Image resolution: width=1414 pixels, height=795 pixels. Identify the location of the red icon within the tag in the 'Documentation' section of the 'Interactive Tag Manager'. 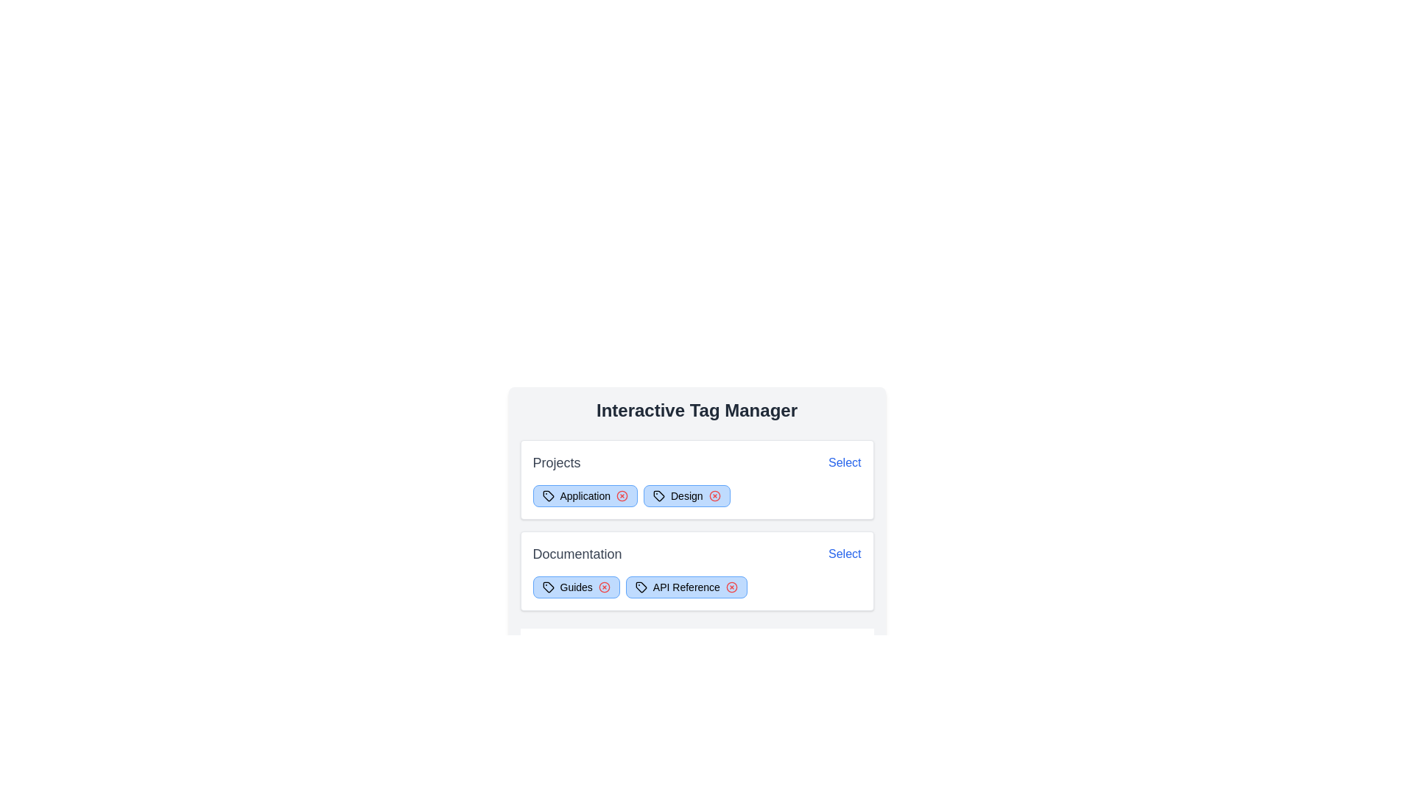
(696, 587).